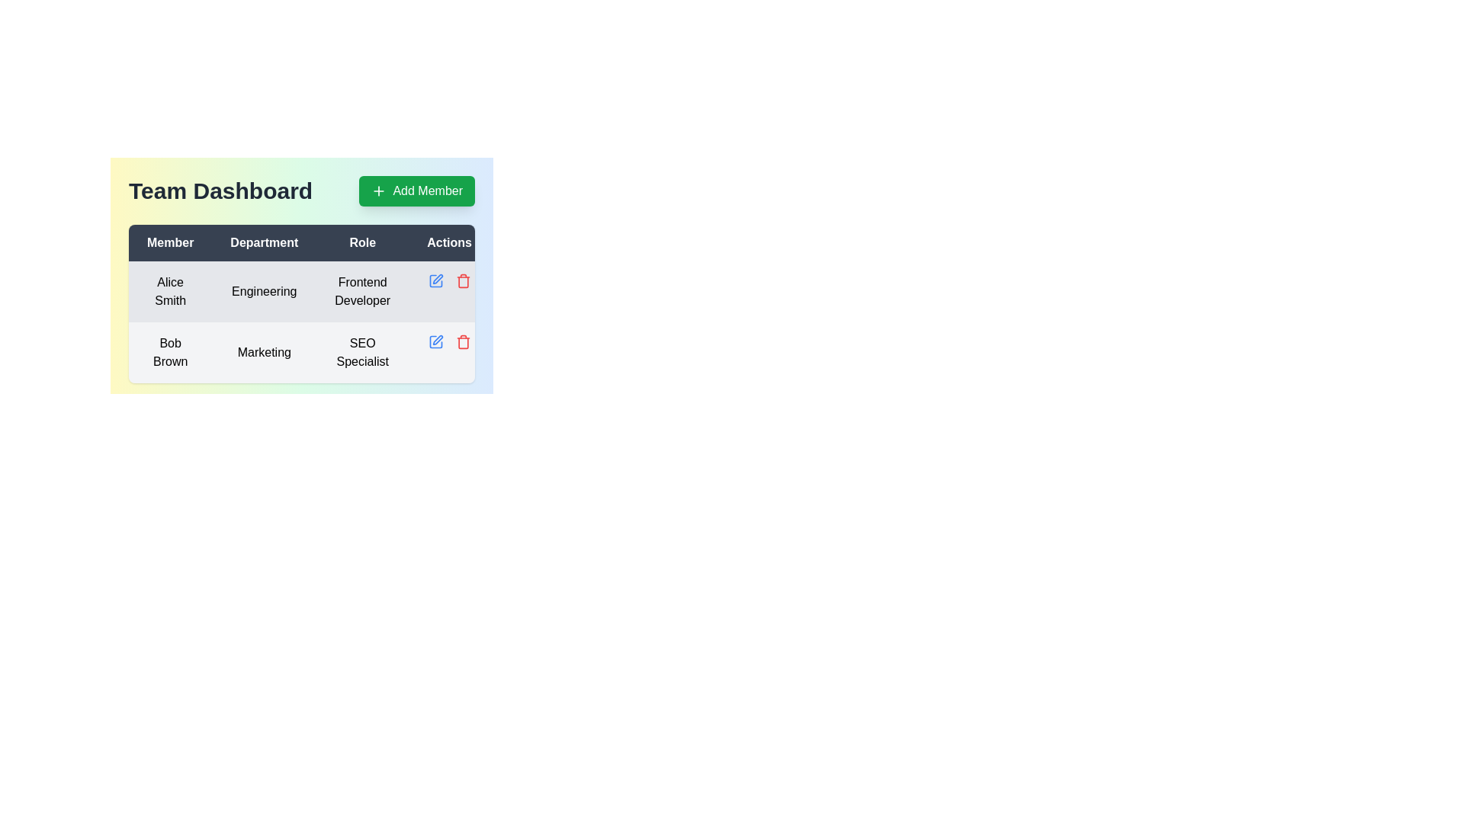 This screenshot has height=823, width=1464. What do you see at coordinates (435, 341) in the screenshot?
I see `the edit icon` at bounding box center [435, 341].